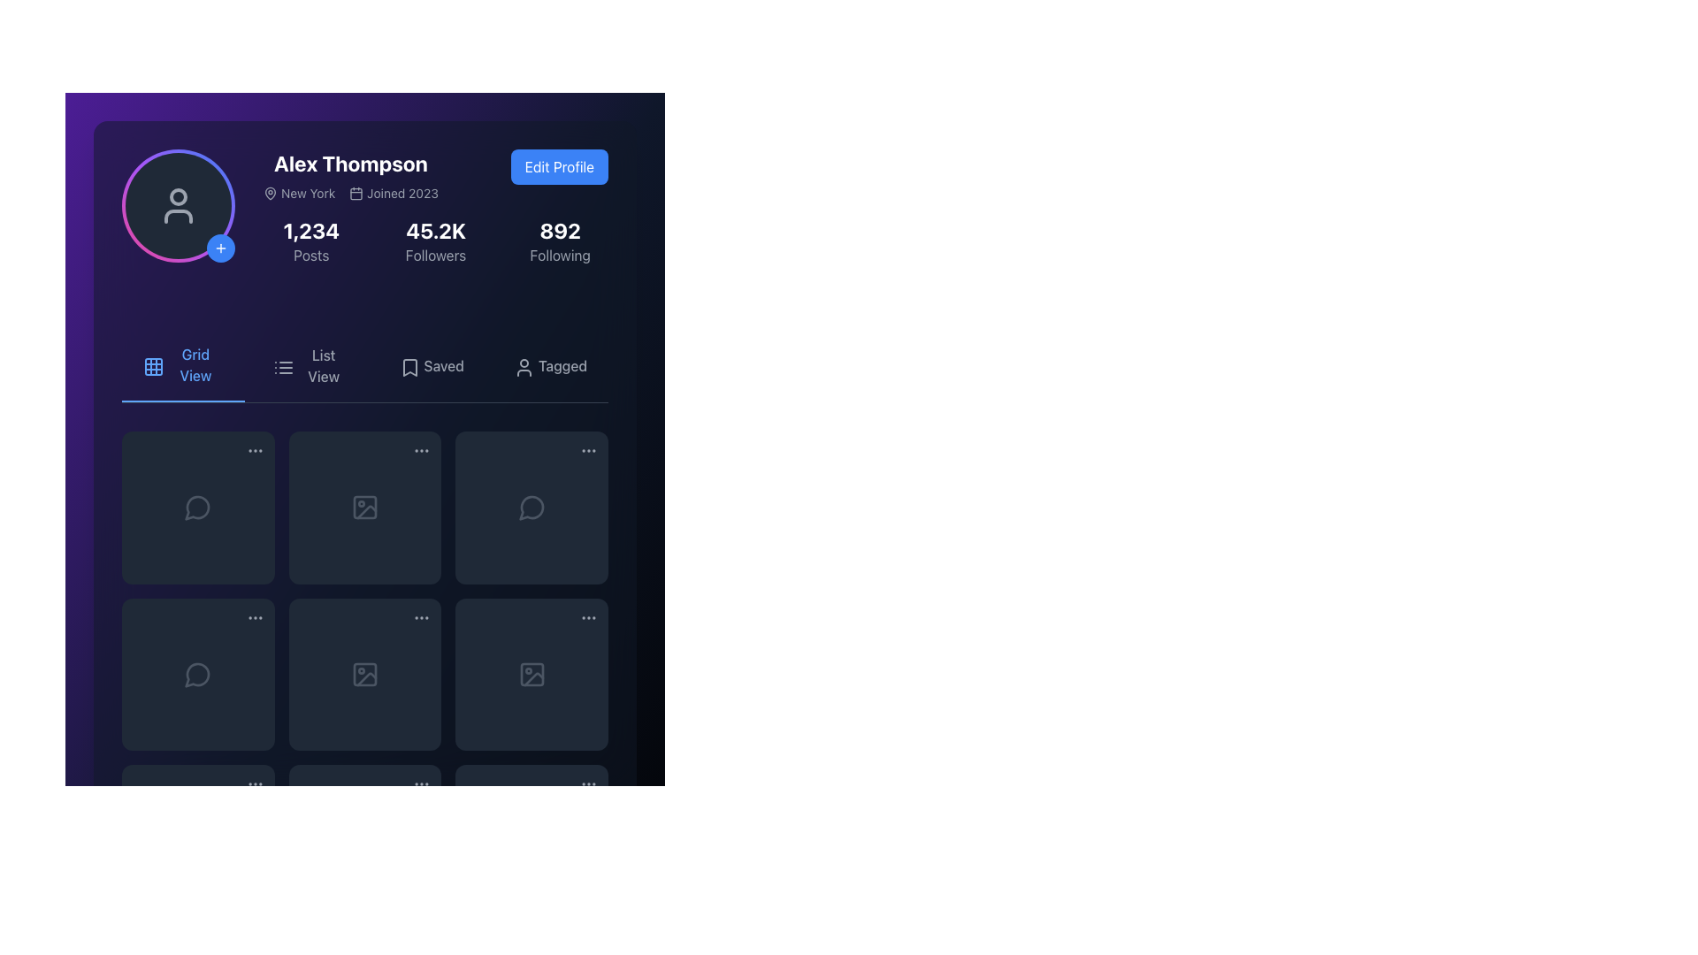  What do you see at coordinates (254, 449) in the screenshot?
I see `the gray triple-dot icon located in the upper-right corner of the top-left card in the grid view` at bounding box center [254, 449].